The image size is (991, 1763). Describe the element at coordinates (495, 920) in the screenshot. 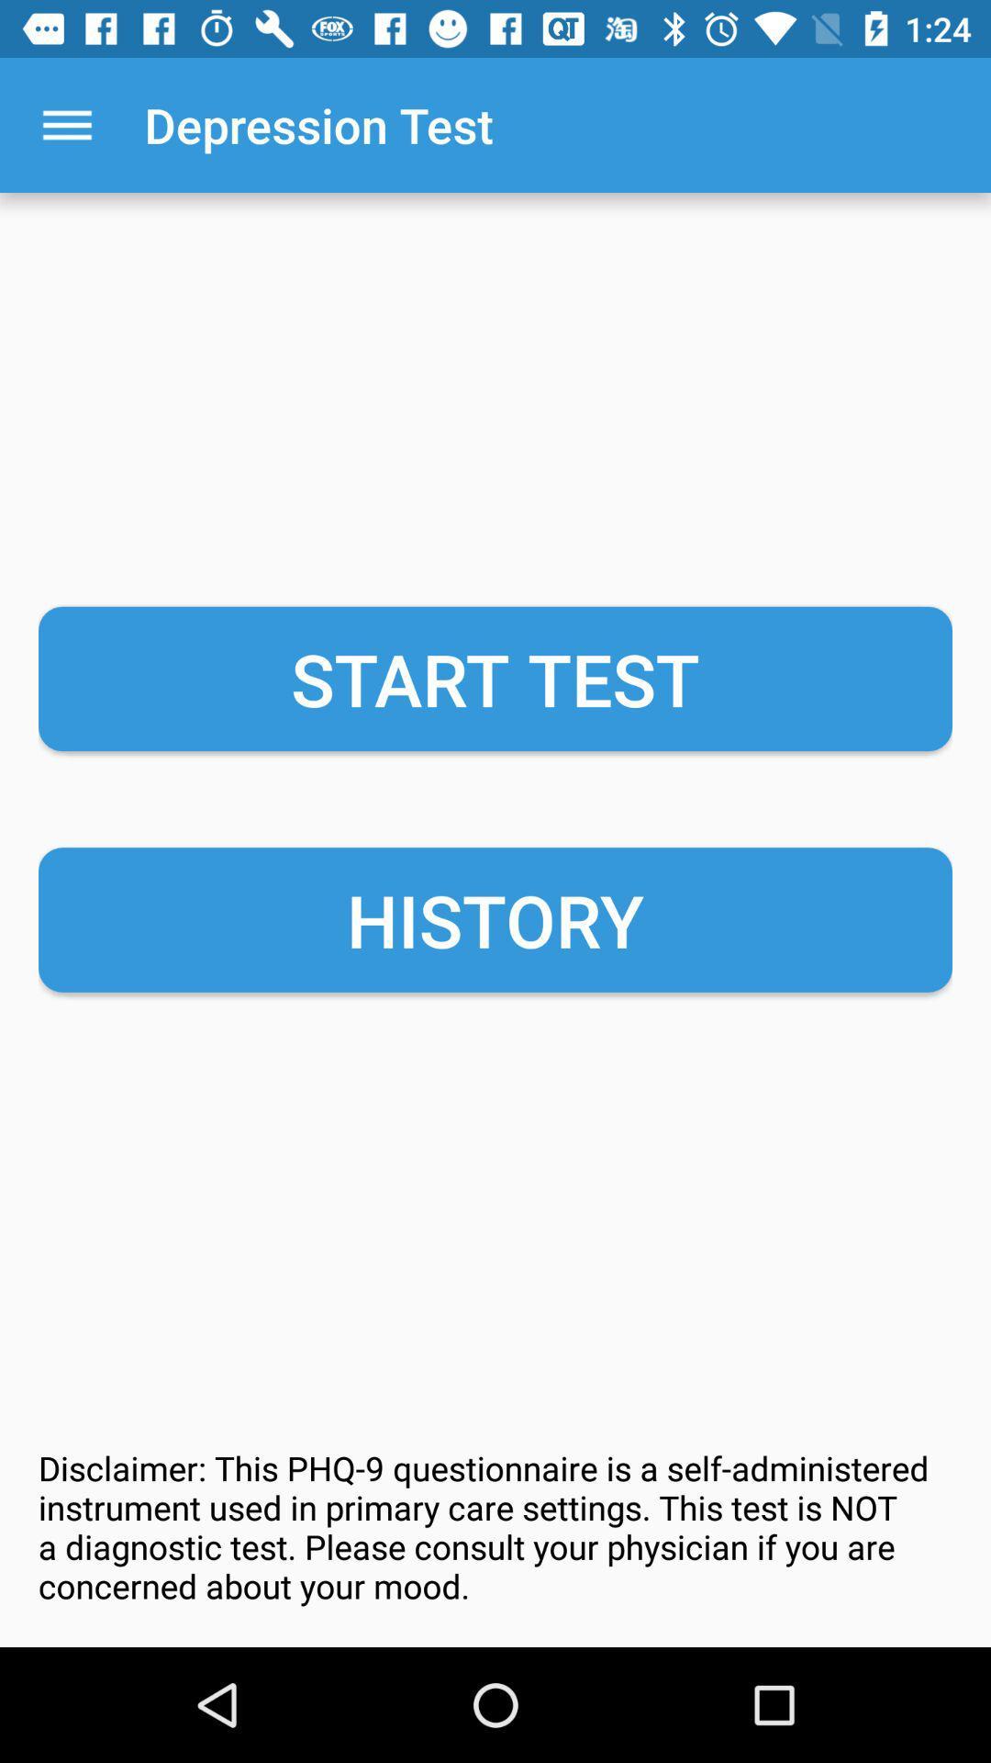

I see `history item` at that location.